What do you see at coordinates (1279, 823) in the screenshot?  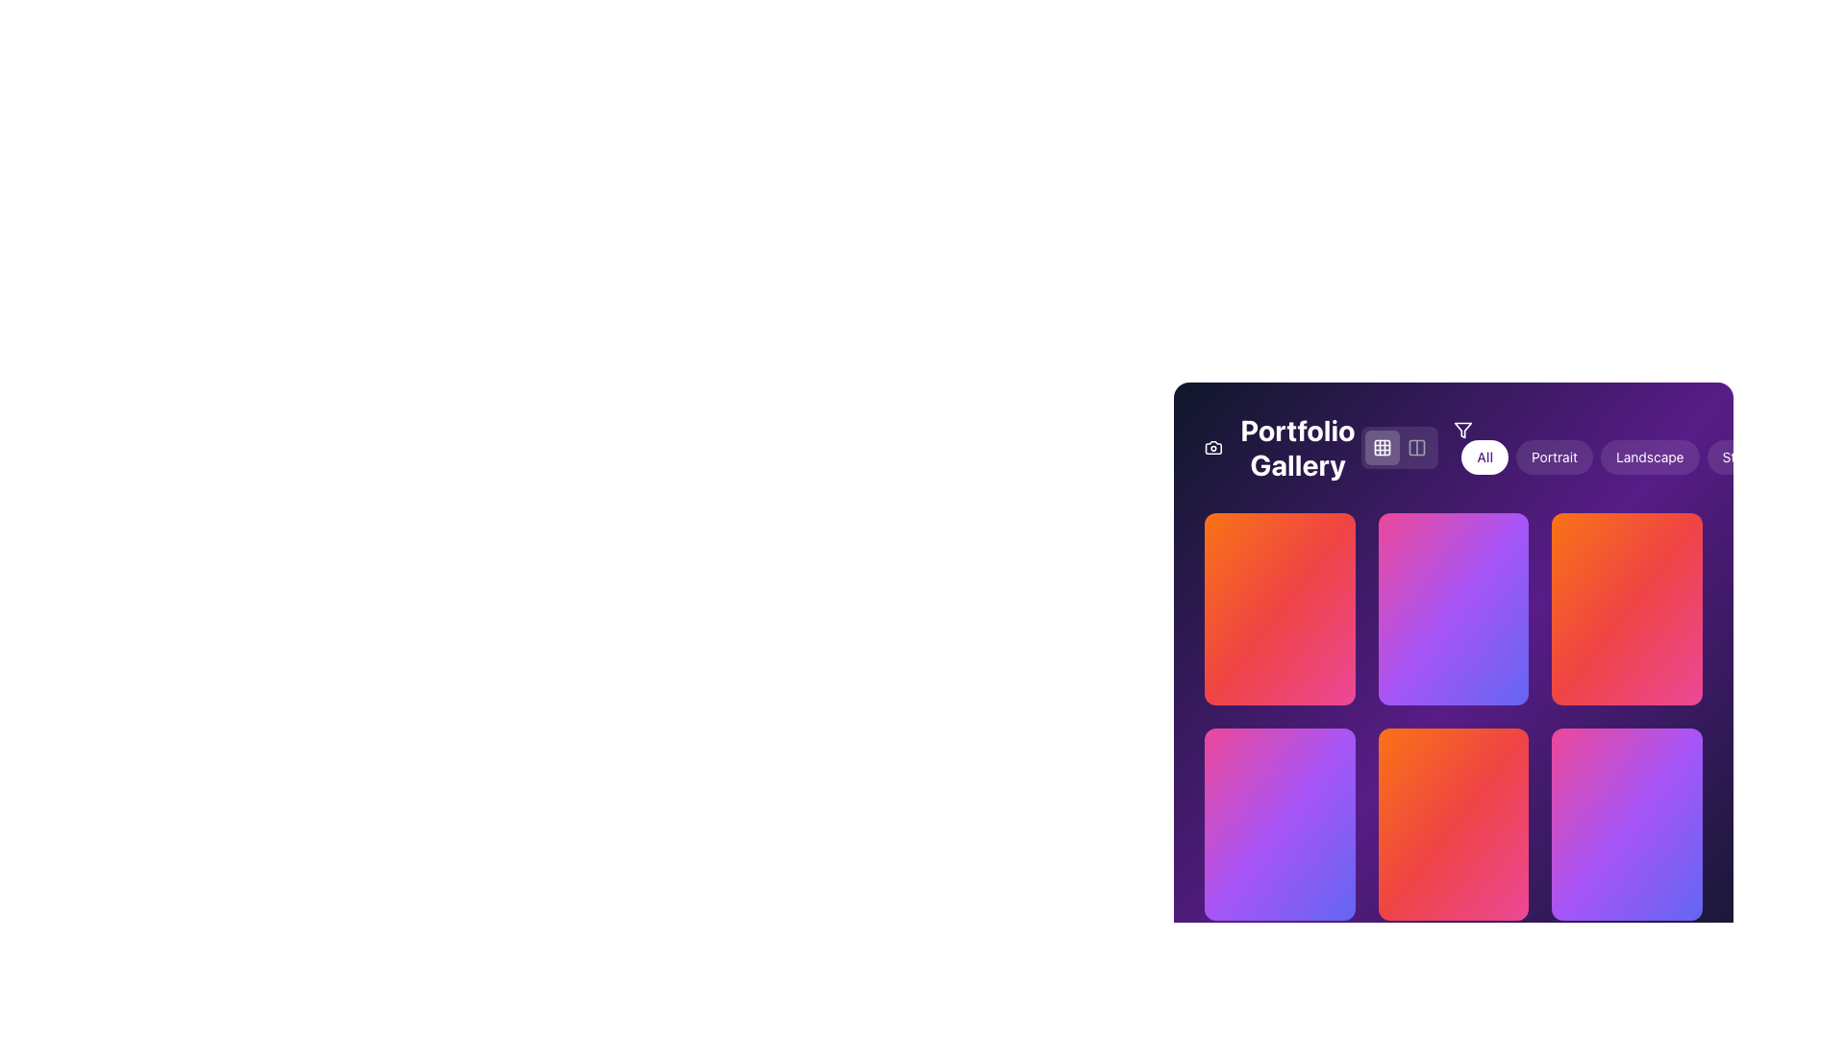 I see `the Display card representing 'Artwork 4621132', which is the first item` at bounding box center [1279, 823].